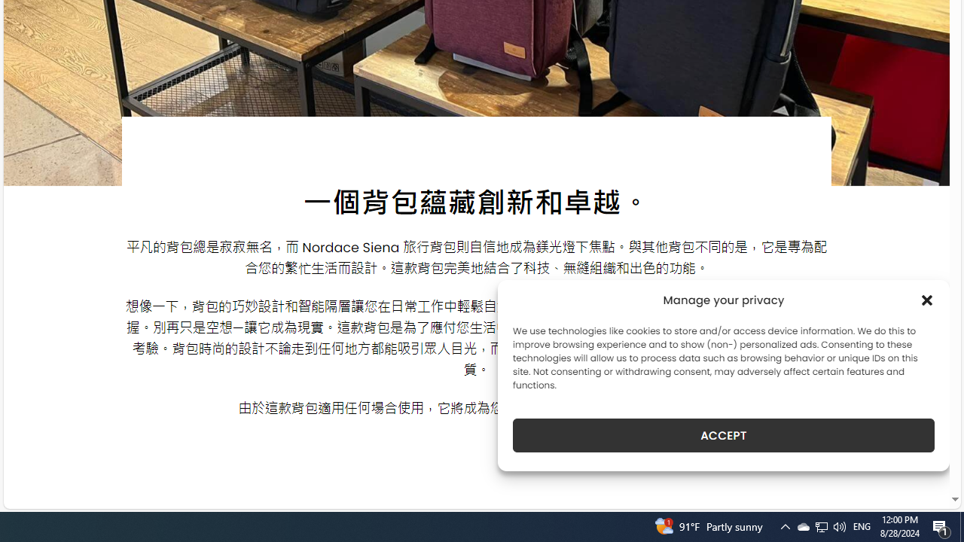 Image resolution: width=964 pixels, height=542 pixels. Describe the element at coordinates (926, 300) in the screenshot. I see `'Class: cmplz-close'` at that location.